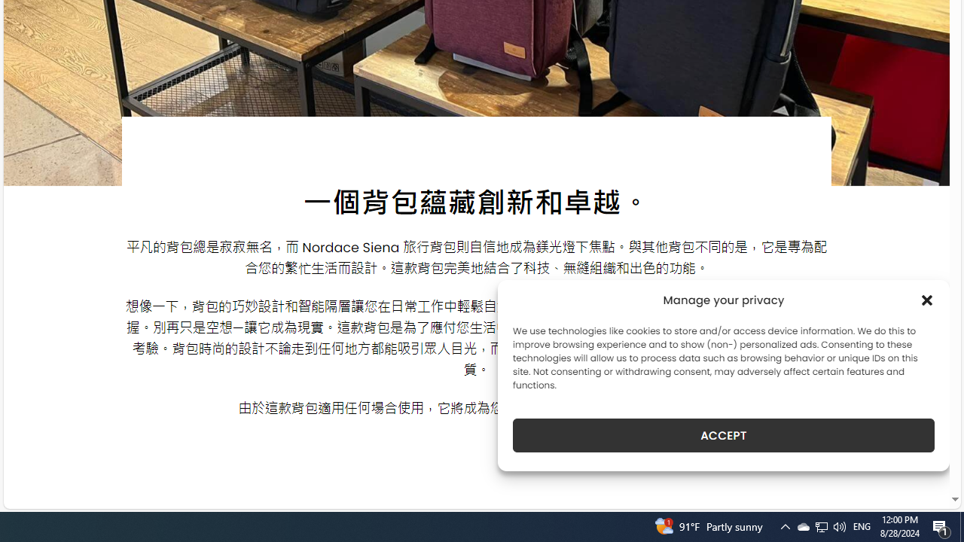 Image resolution: width=964 pixels, height=542 pixels. Describe the element at coordinates (926, 300) in the screenshot. I see `'Class: cmplz-close'` at that location.